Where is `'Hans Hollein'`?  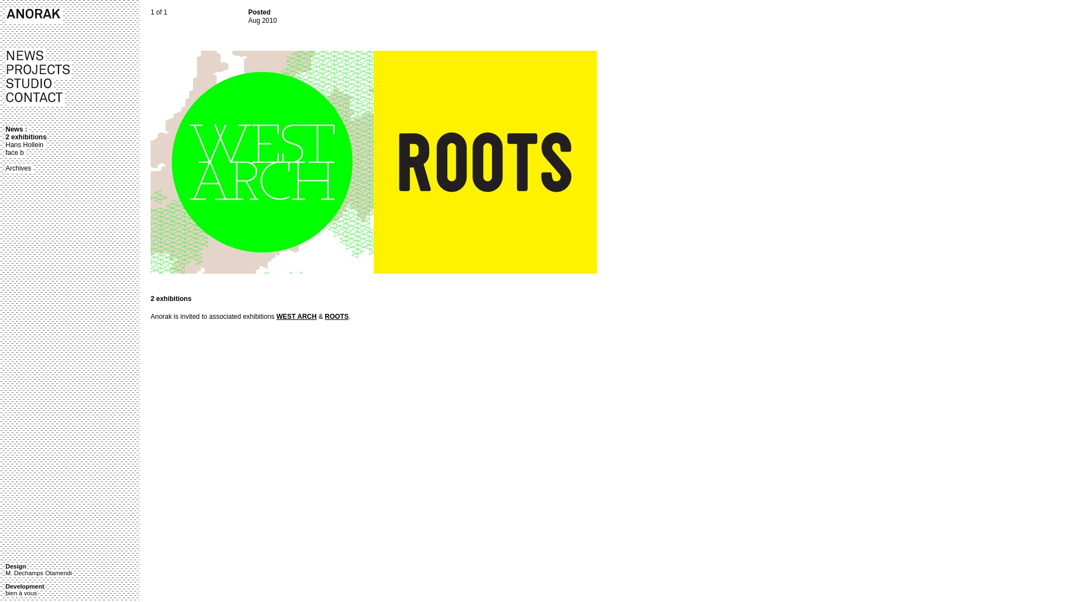
'Hans Hollein' is located at coordinates (5, 144).